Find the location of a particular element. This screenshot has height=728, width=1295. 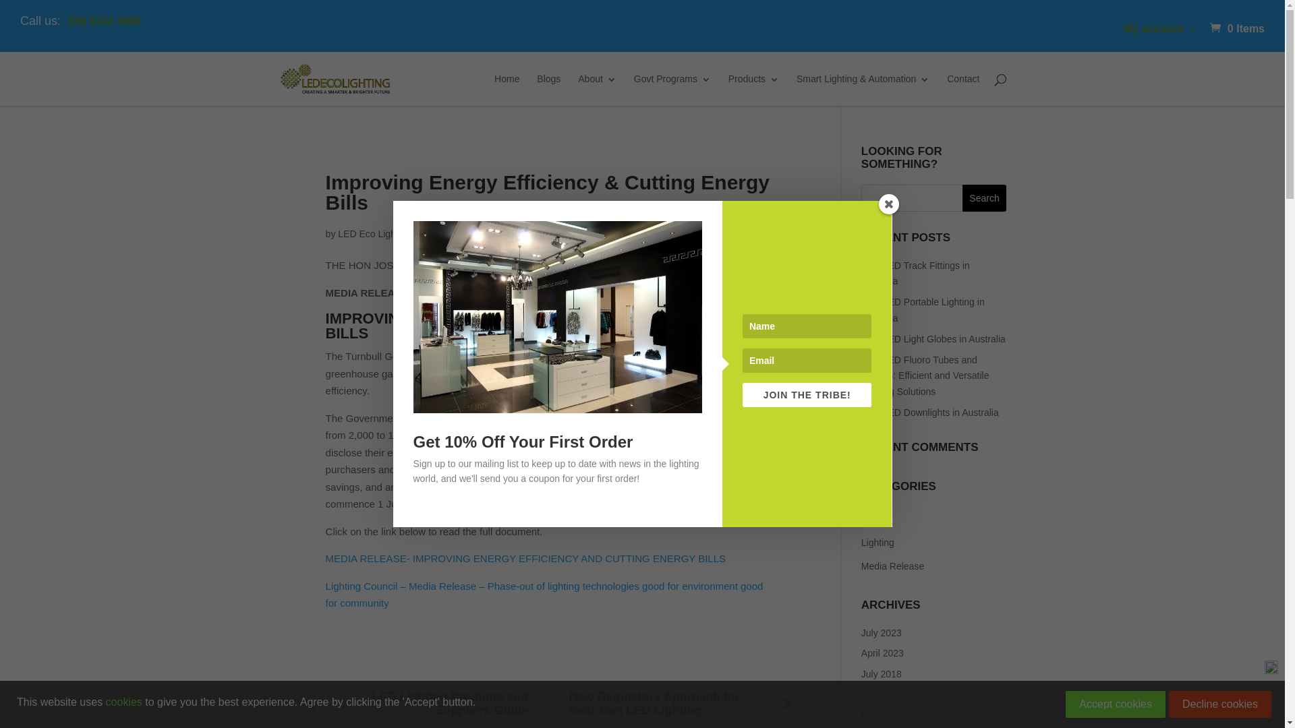

'Best LED Light Globes in Australia' is located at coordinates (860, 338).